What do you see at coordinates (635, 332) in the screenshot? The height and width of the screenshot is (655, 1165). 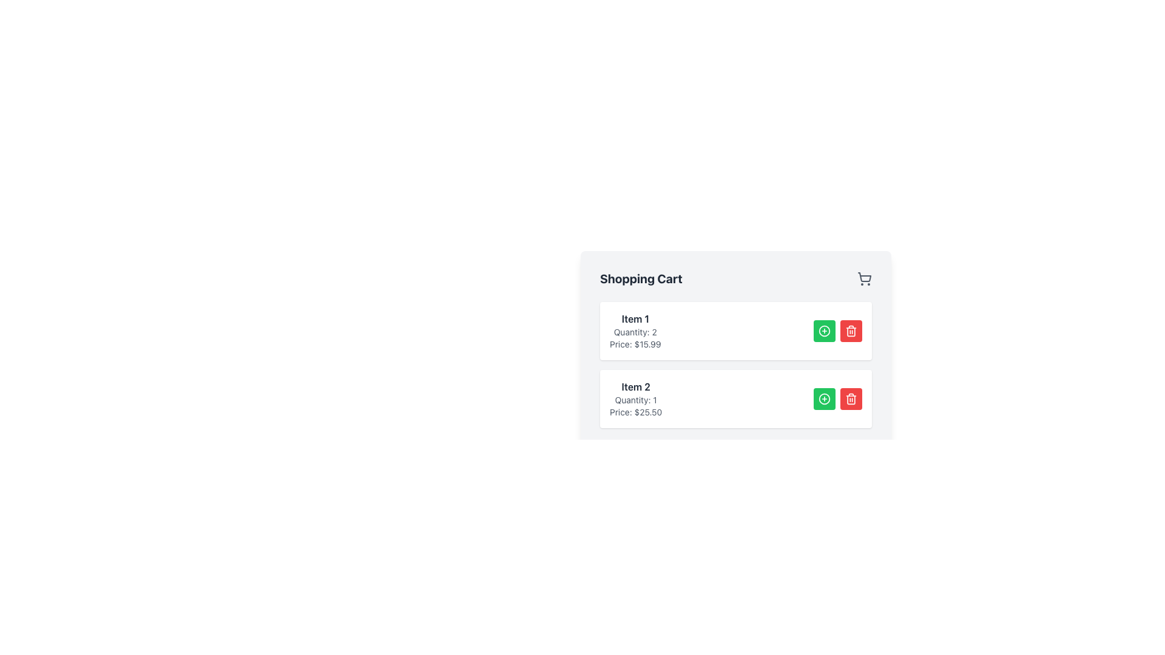 I see `the text label that displays the quantity of an item in the shopping cart interface, which is positioned below 'Item 1' and above 'Price: $15.99'` at bounding box center [635, 332].